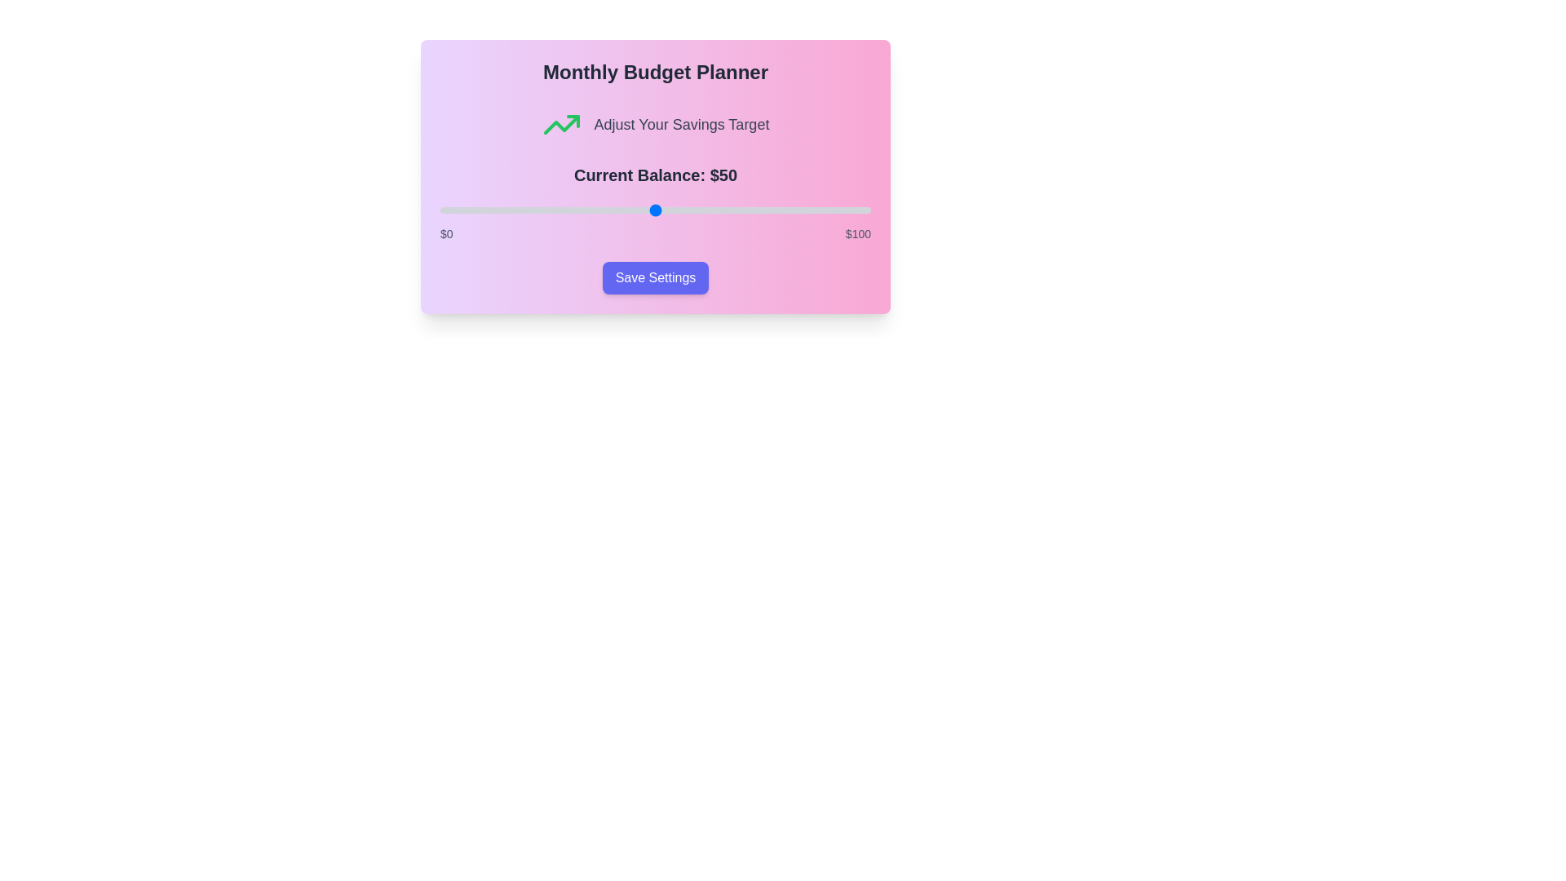  Describe the element at coordinates (578, 210) in the screenshot. I see `the slider to set the balance to 32 value` at that location.